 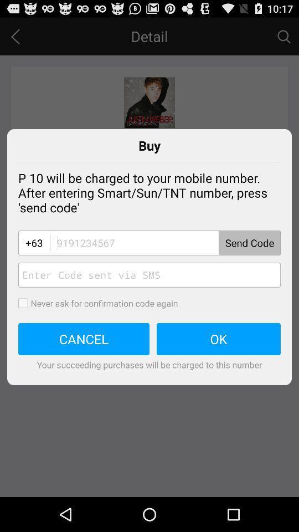 What do you see at coordinates (149, 274) in the screenshot?
I see `sms code` at bounding box center [149, 274].